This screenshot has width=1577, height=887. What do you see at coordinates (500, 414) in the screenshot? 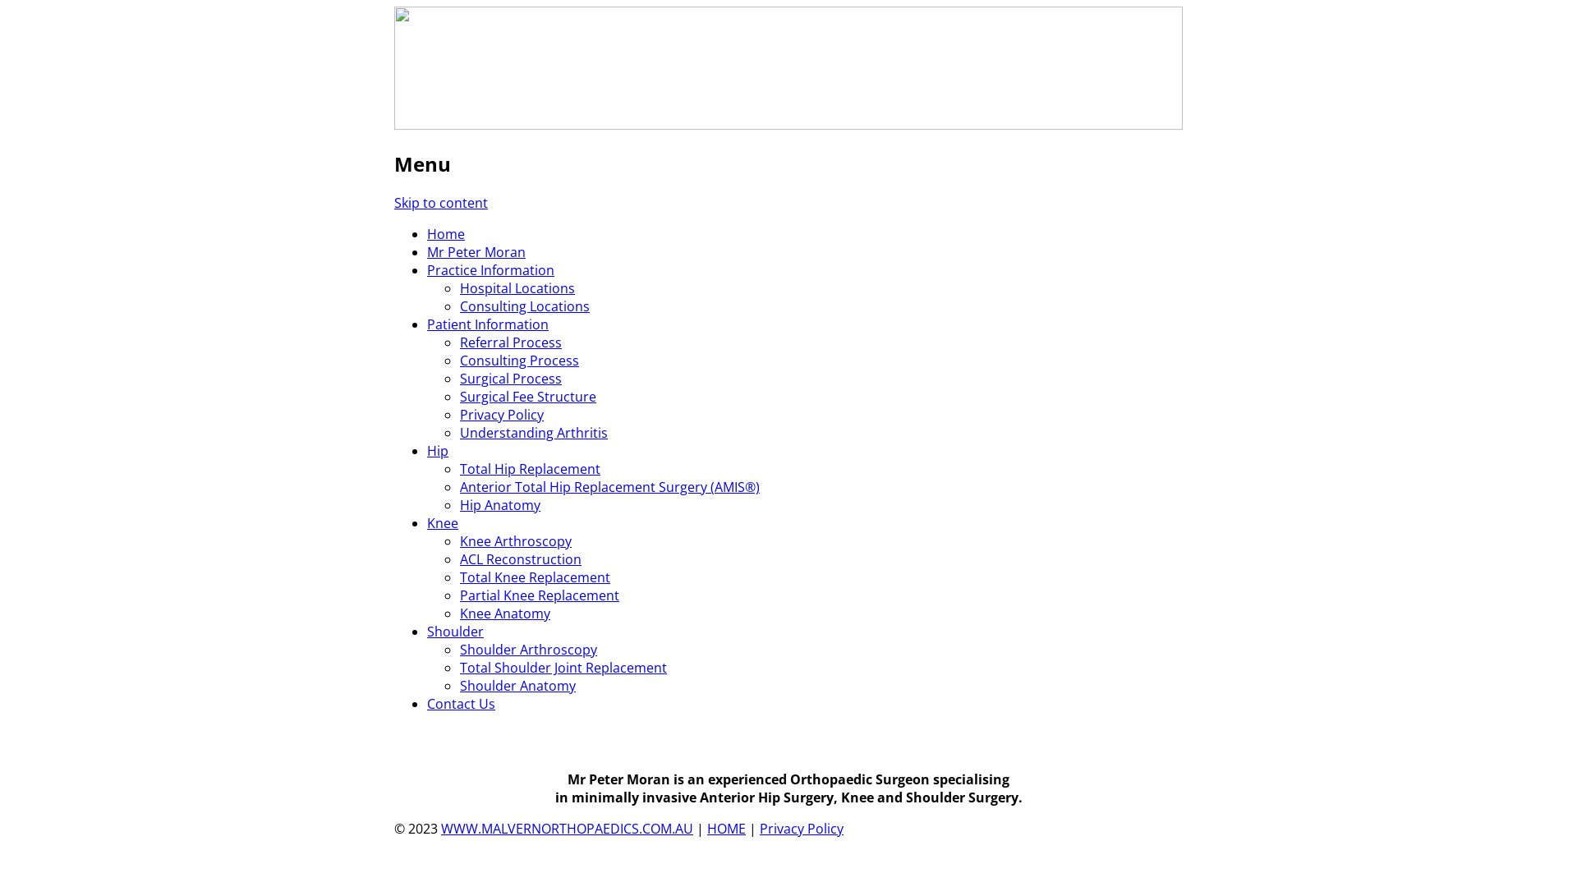
I see `'Privacy Policy'` at bounding box center [500, 414].